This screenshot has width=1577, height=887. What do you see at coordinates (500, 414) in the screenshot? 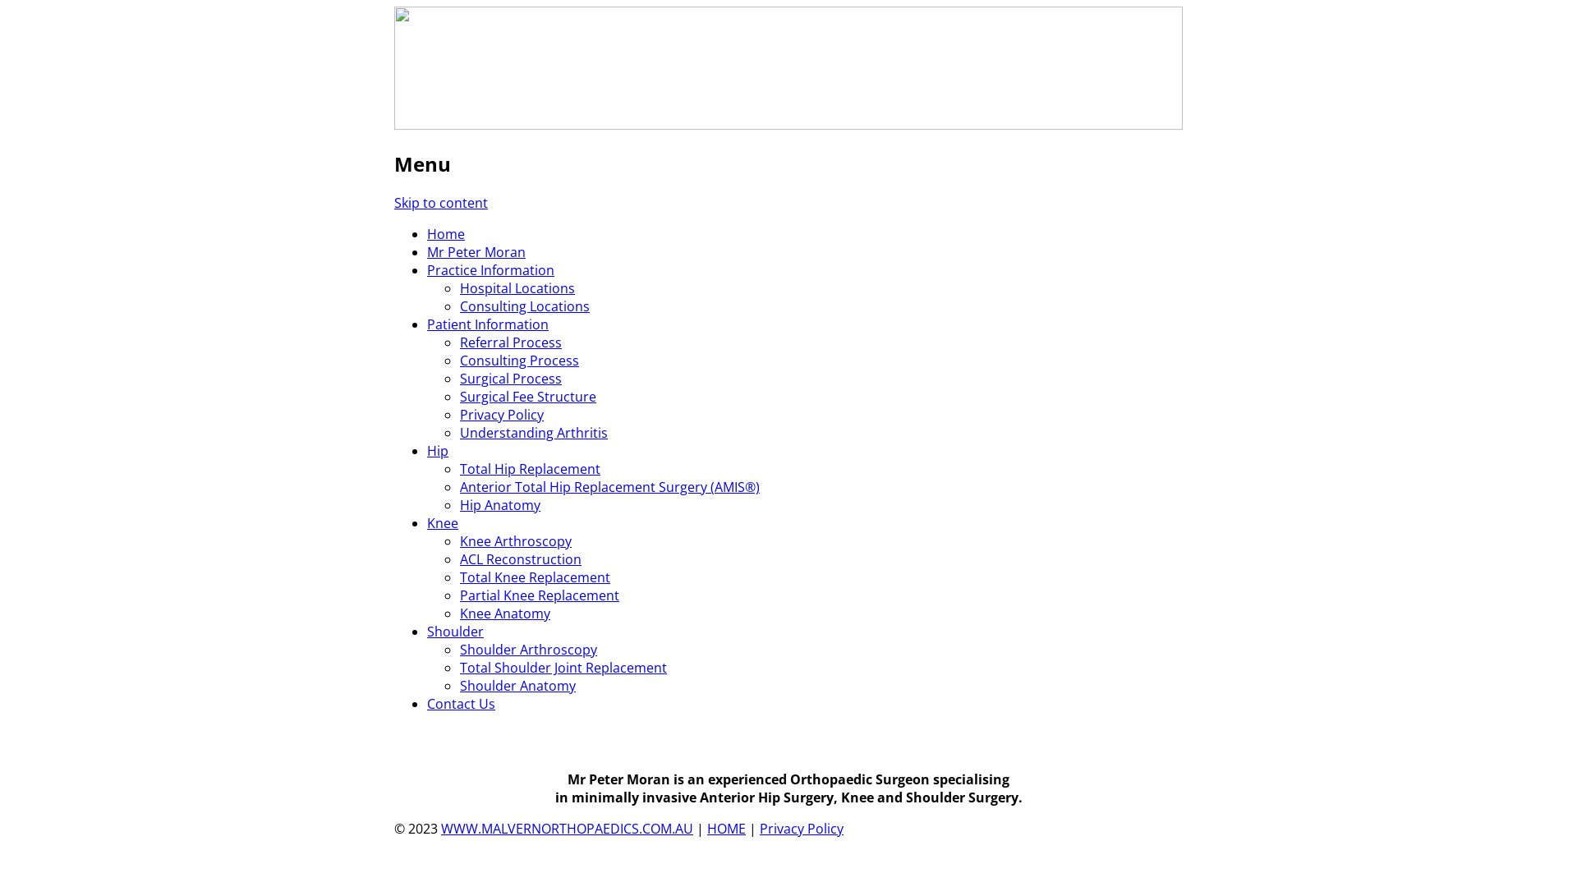
I see `'Privacy Policy'` at bounding box center [500, 414].